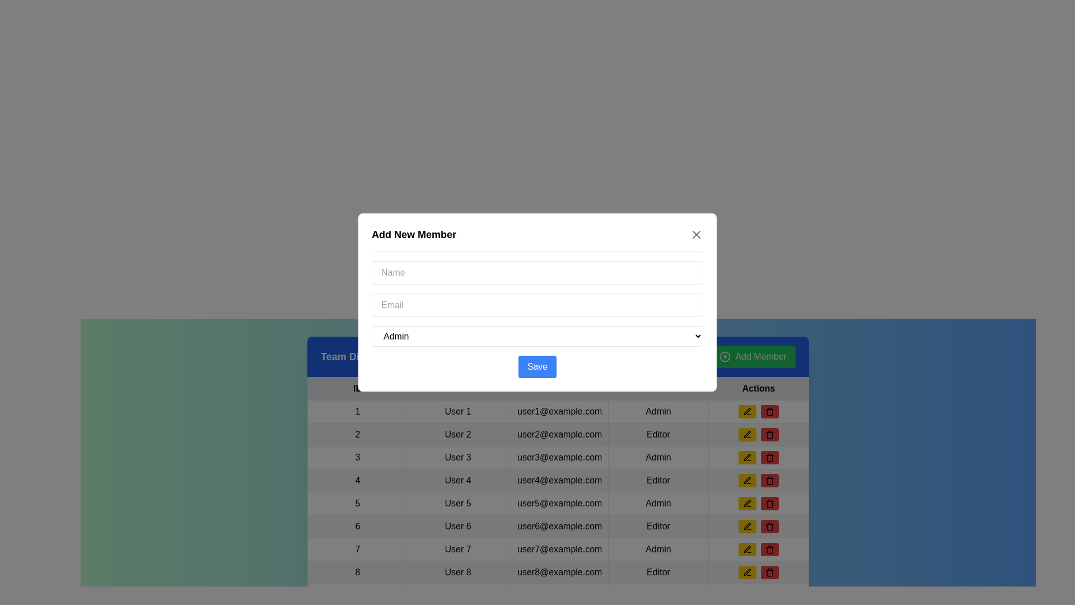 The image size is (1075, 605). I want to click on the table cell containing the text 'User 3', located in the second column of the third row of the table, so click(457, 458).